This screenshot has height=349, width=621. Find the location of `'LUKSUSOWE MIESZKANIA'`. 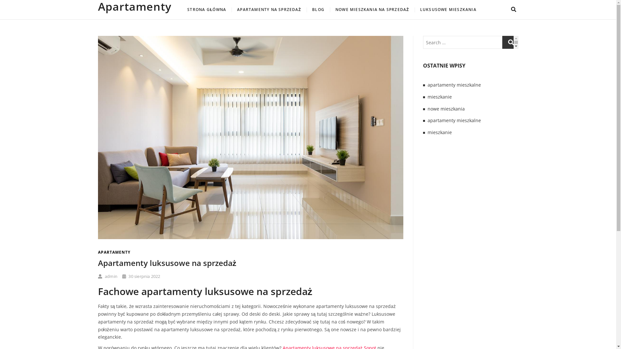

'LUKSUSOWE MIESZKANIA' is located at coordinates (448, 10).